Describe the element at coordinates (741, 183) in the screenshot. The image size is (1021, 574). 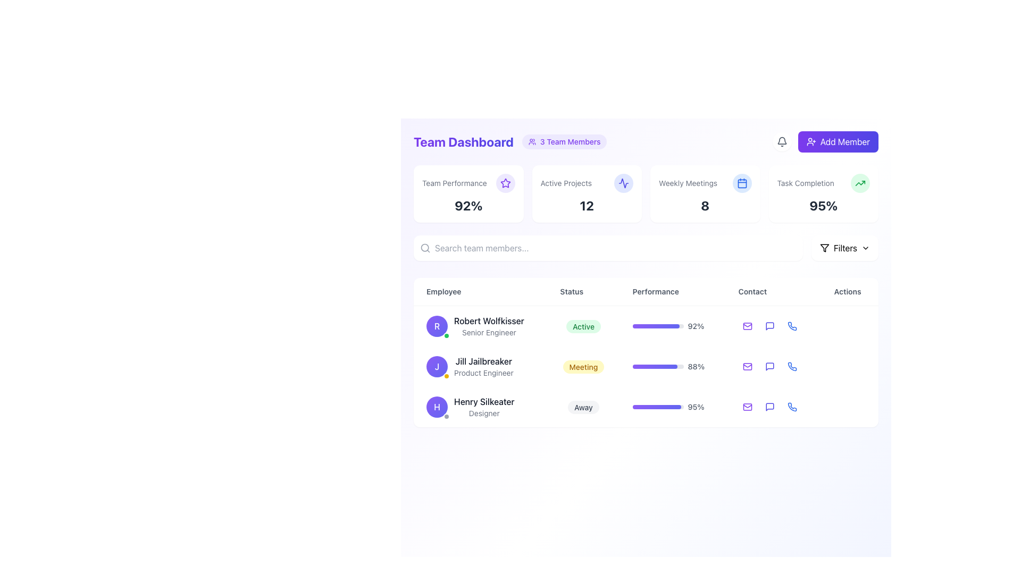
I see `the small rectangle with rounded corners and a light blue background located within the calendar icon in the 'Weekly Meetings' card in the dashboard layout` at that location.